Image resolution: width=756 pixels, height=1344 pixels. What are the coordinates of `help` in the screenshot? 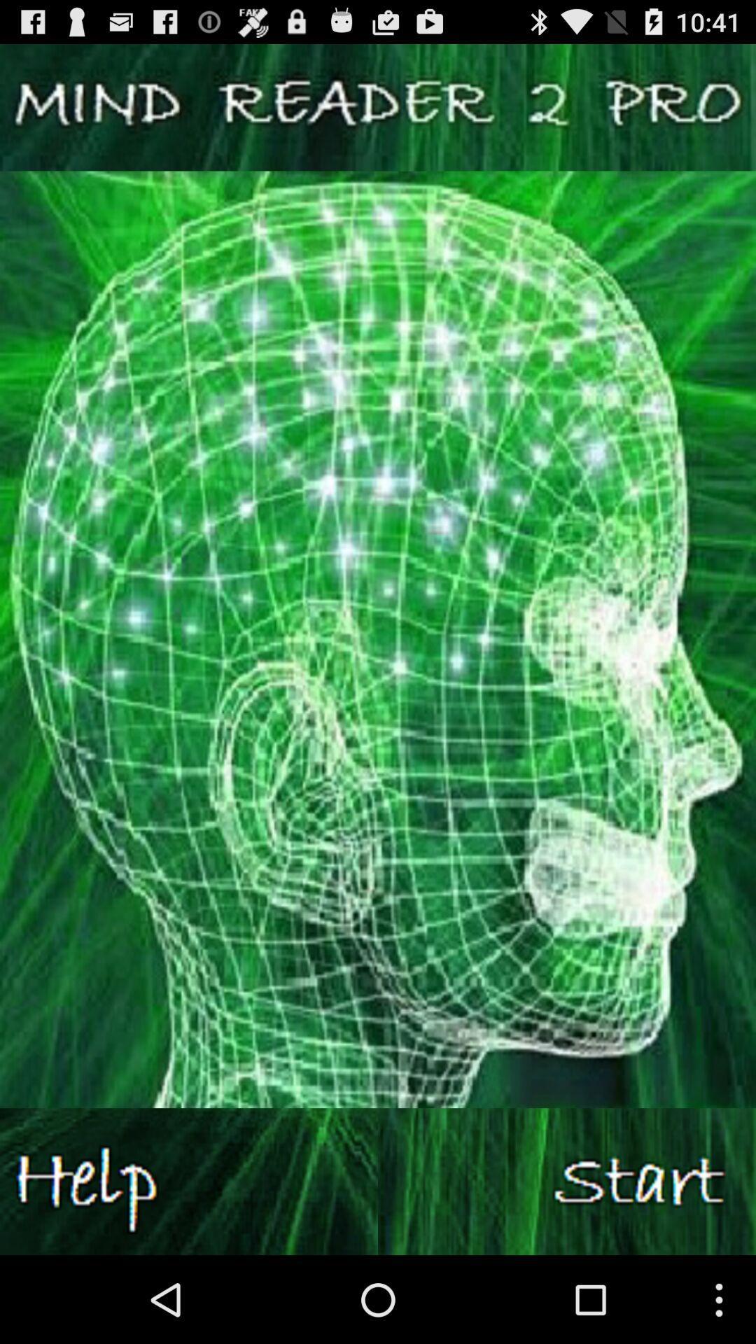 It's located at (189, 1181).